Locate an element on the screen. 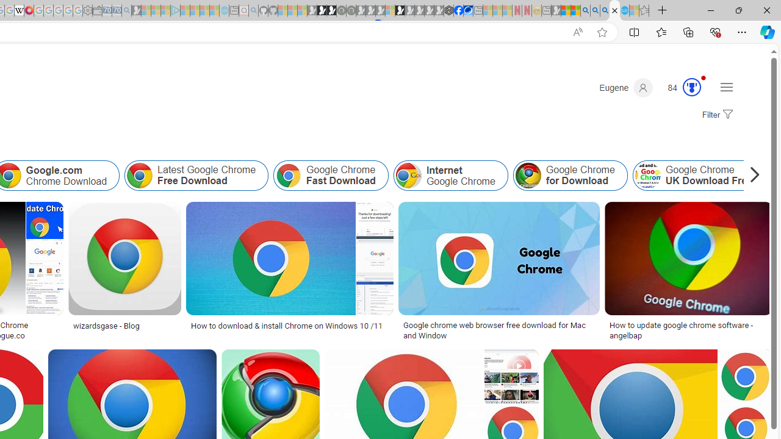  'Wallet - Sleeping' is located at coordinates (98, 10).